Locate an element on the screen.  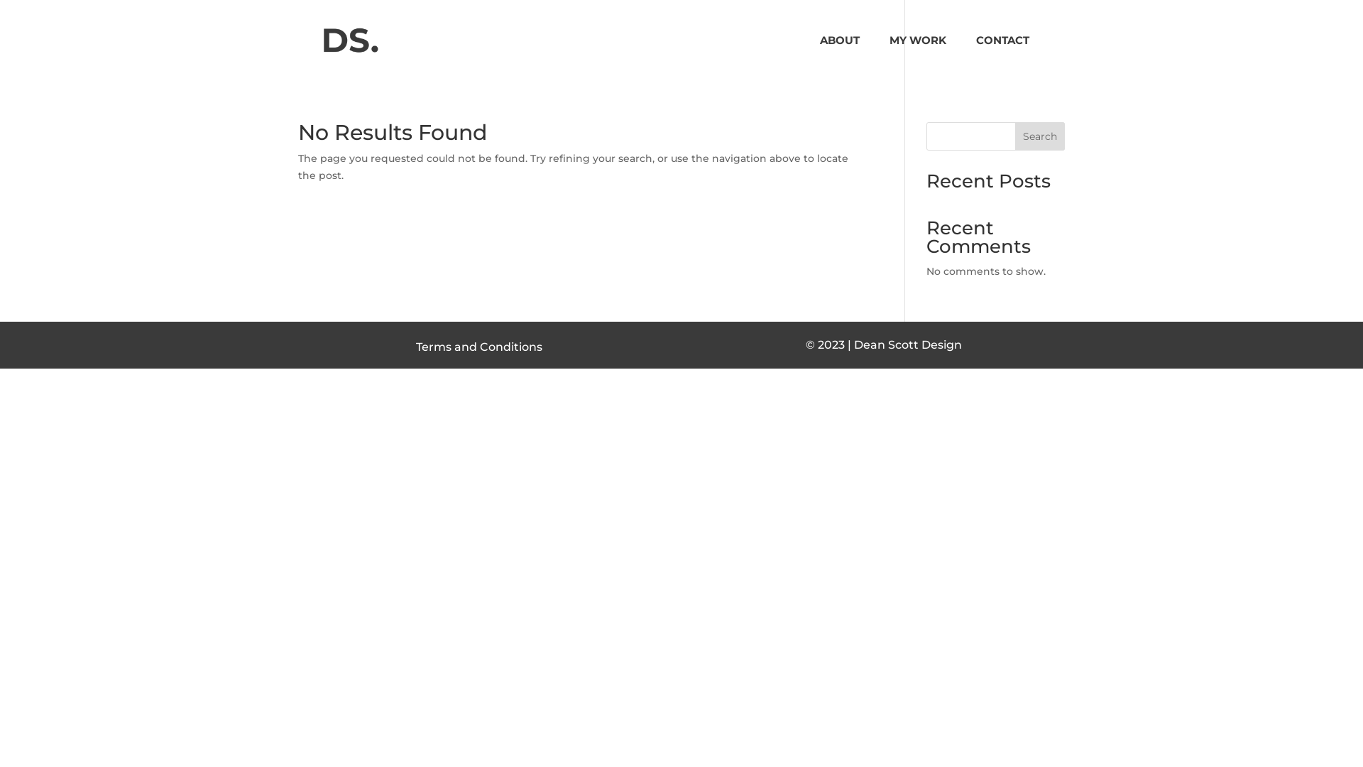
'ABOUT' is located at coordinates (847, 57).